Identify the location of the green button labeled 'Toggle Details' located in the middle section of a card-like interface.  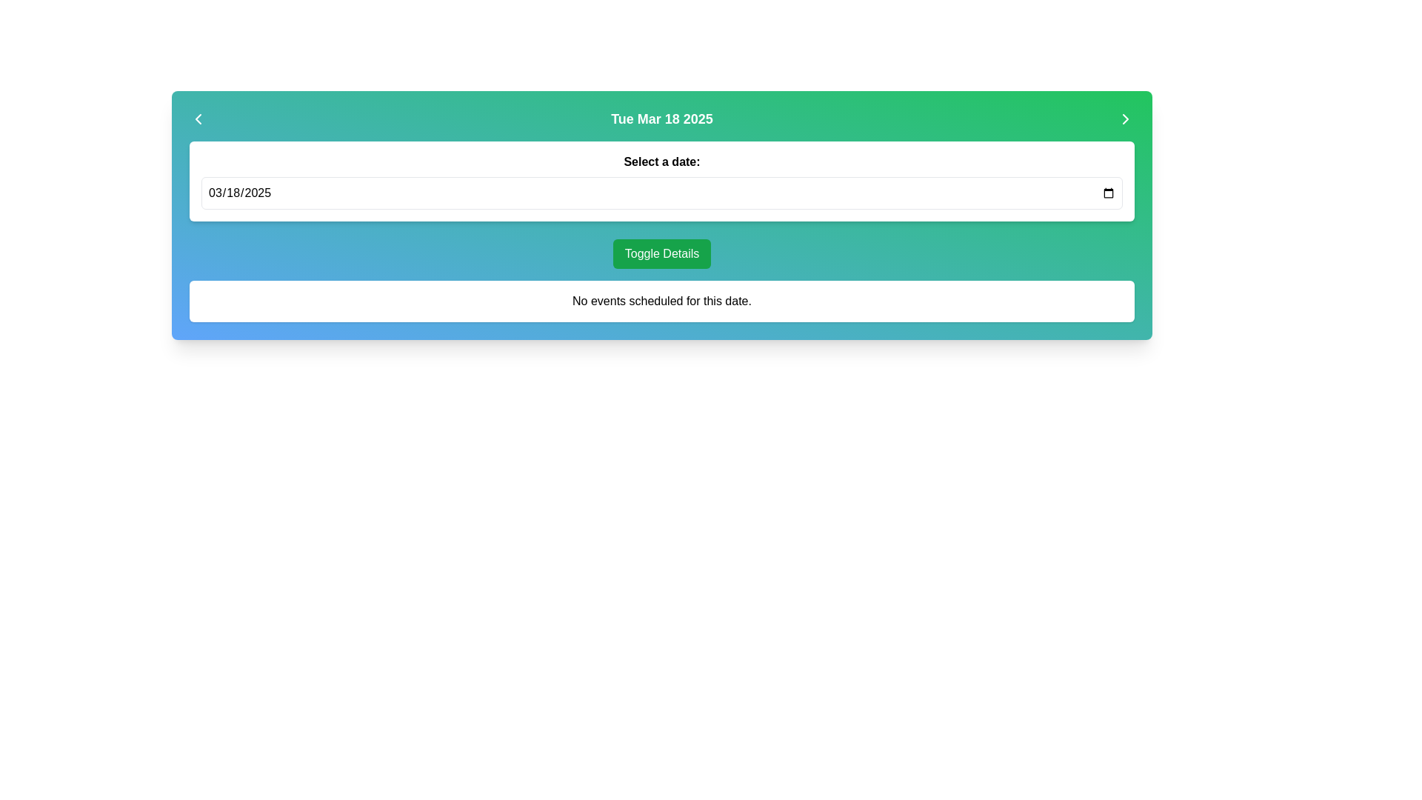
(661, 253).